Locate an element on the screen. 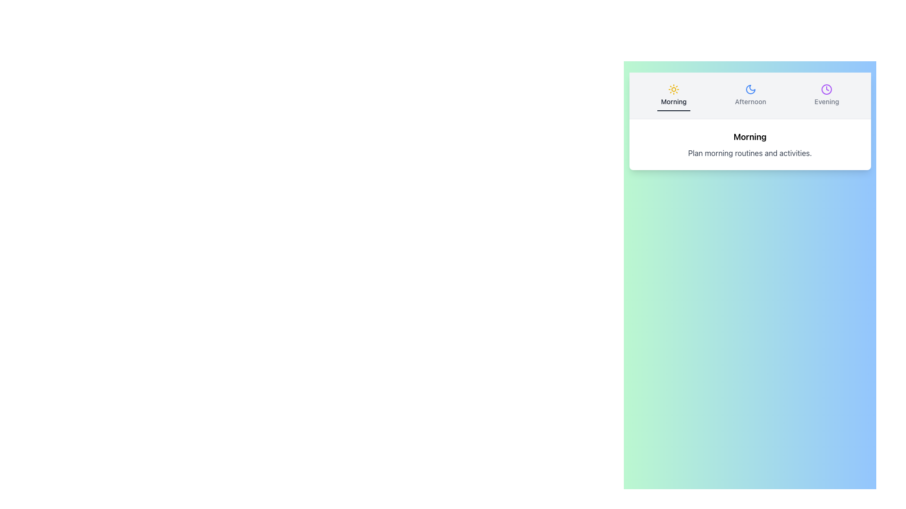 The image size is (906, 509). the 'Afternoon' button, which features a blue crescent moon icon above the text 'Afternoon', located in the navigation section between 'Morning' and 'Evening' is located at coordinates (750, 96).